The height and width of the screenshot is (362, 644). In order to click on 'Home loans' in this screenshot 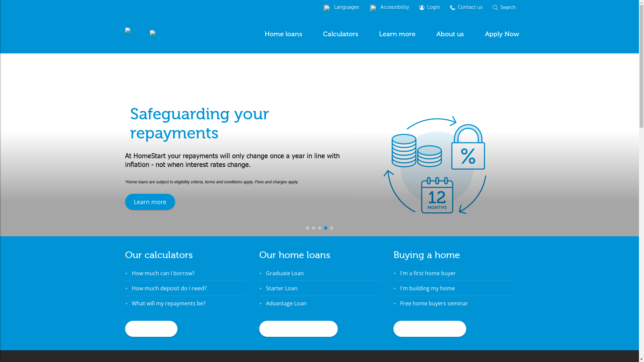, I will do `click(262, 34)`.